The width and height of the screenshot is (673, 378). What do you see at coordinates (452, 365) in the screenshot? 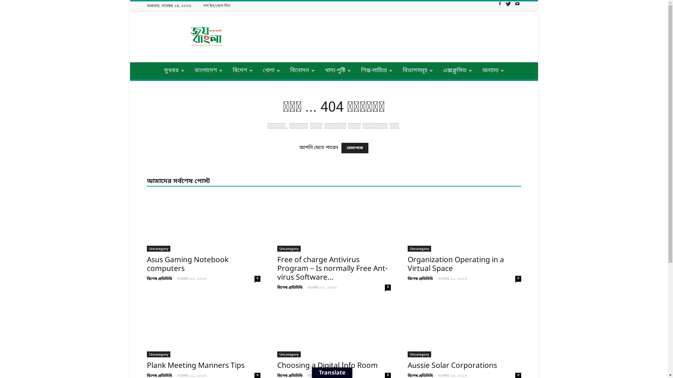
I see `'Aussie Solar Corporations'` at bounding box center [452, 365].